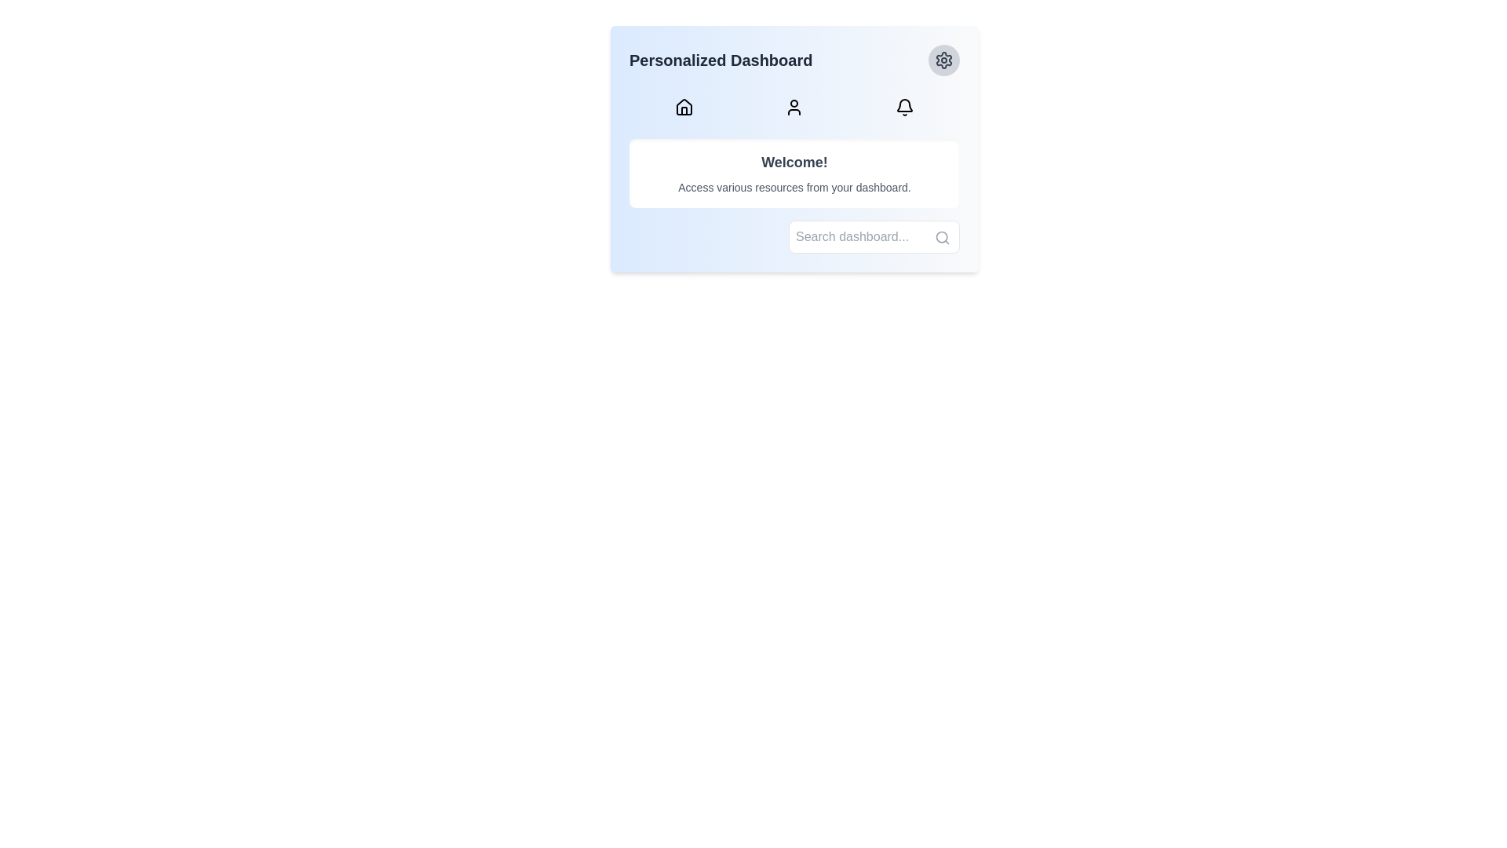  I want to click on the Informational Panel displaying 'Personalized Dashboard' with a light blue gradient background and a search bar below it, so click(794, 148).